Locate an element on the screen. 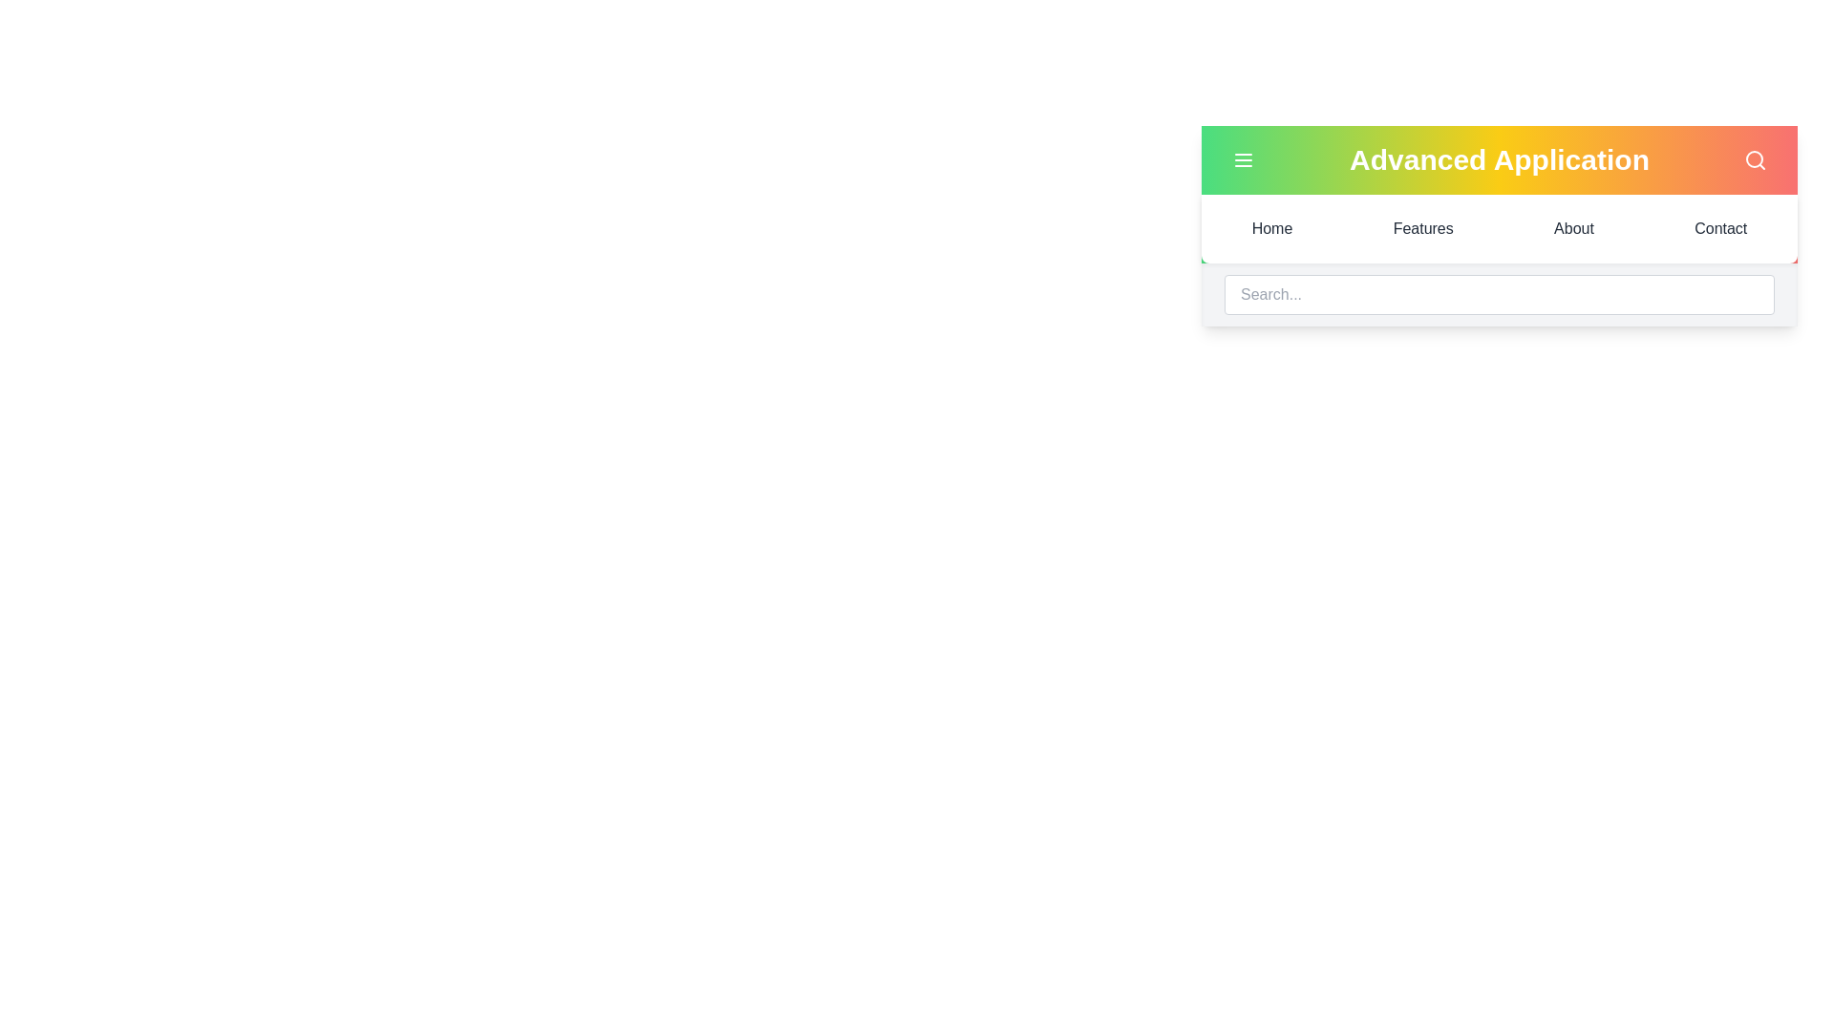 Image resolution: width=1834 pixels, height=1031 pixels. the menu item About to navigate is located at coordinates (1573, 227).